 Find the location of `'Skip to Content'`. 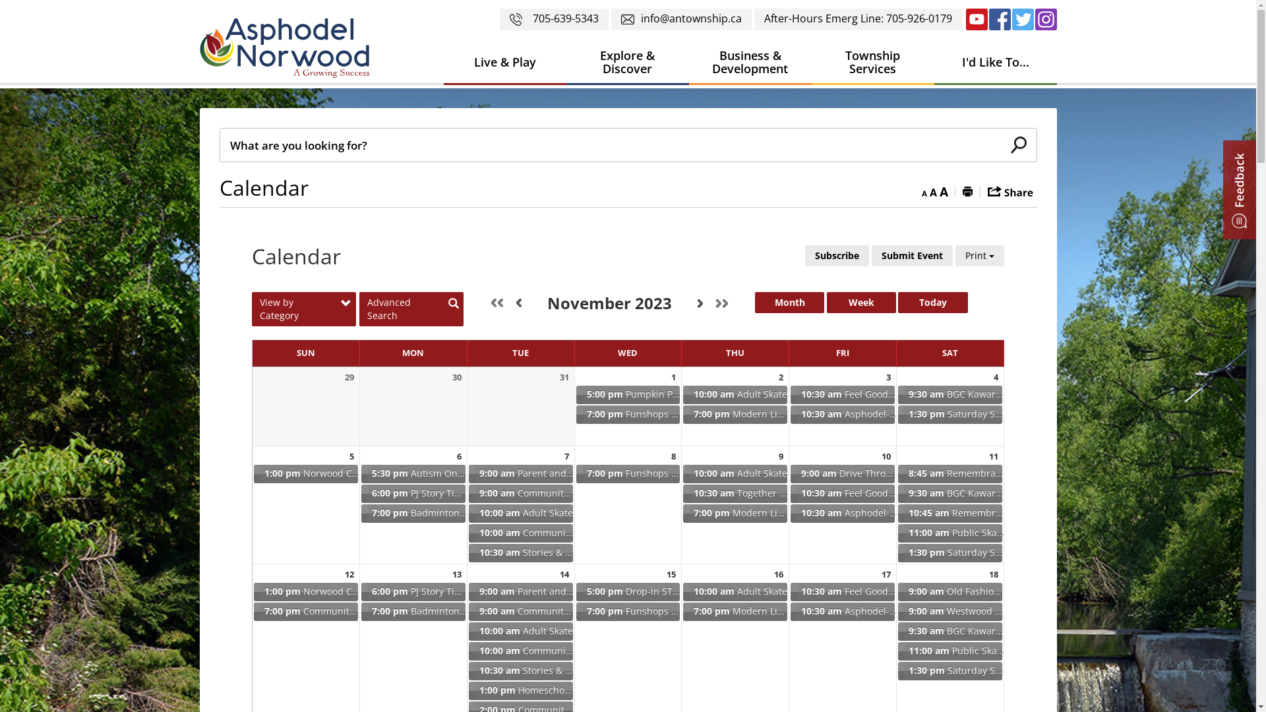

'Skip to Content' is located at coordinates (0, 0).